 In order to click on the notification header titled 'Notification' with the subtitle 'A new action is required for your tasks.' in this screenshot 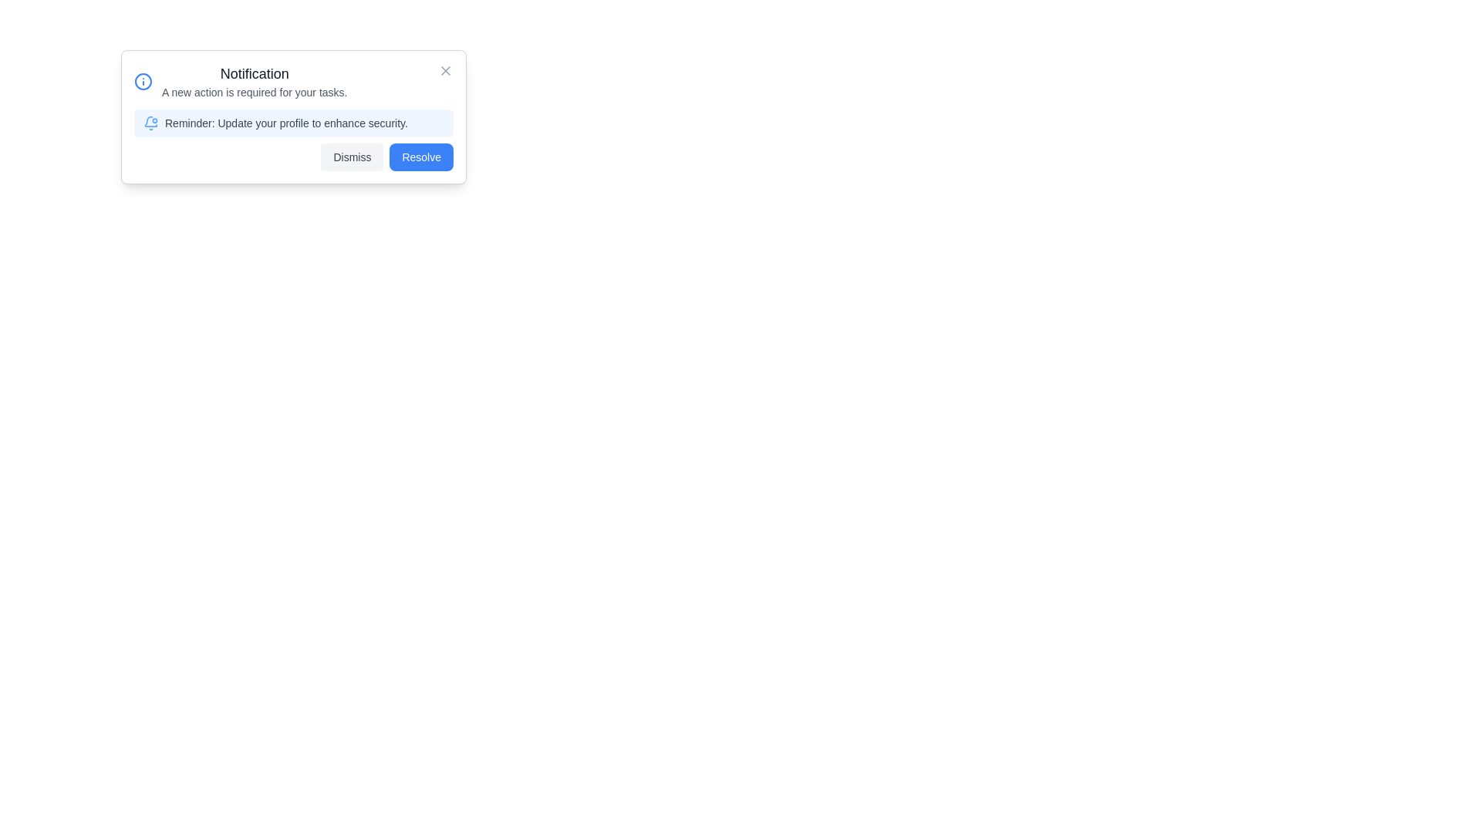, I will do `click(255, 81)`.